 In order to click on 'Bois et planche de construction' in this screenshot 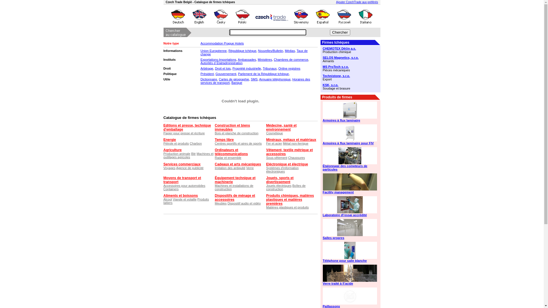, I will do `click(236, 133)`.